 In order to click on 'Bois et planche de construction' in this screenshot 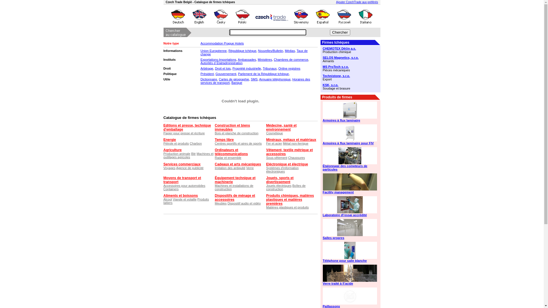, I will do `click(236, 133)`.